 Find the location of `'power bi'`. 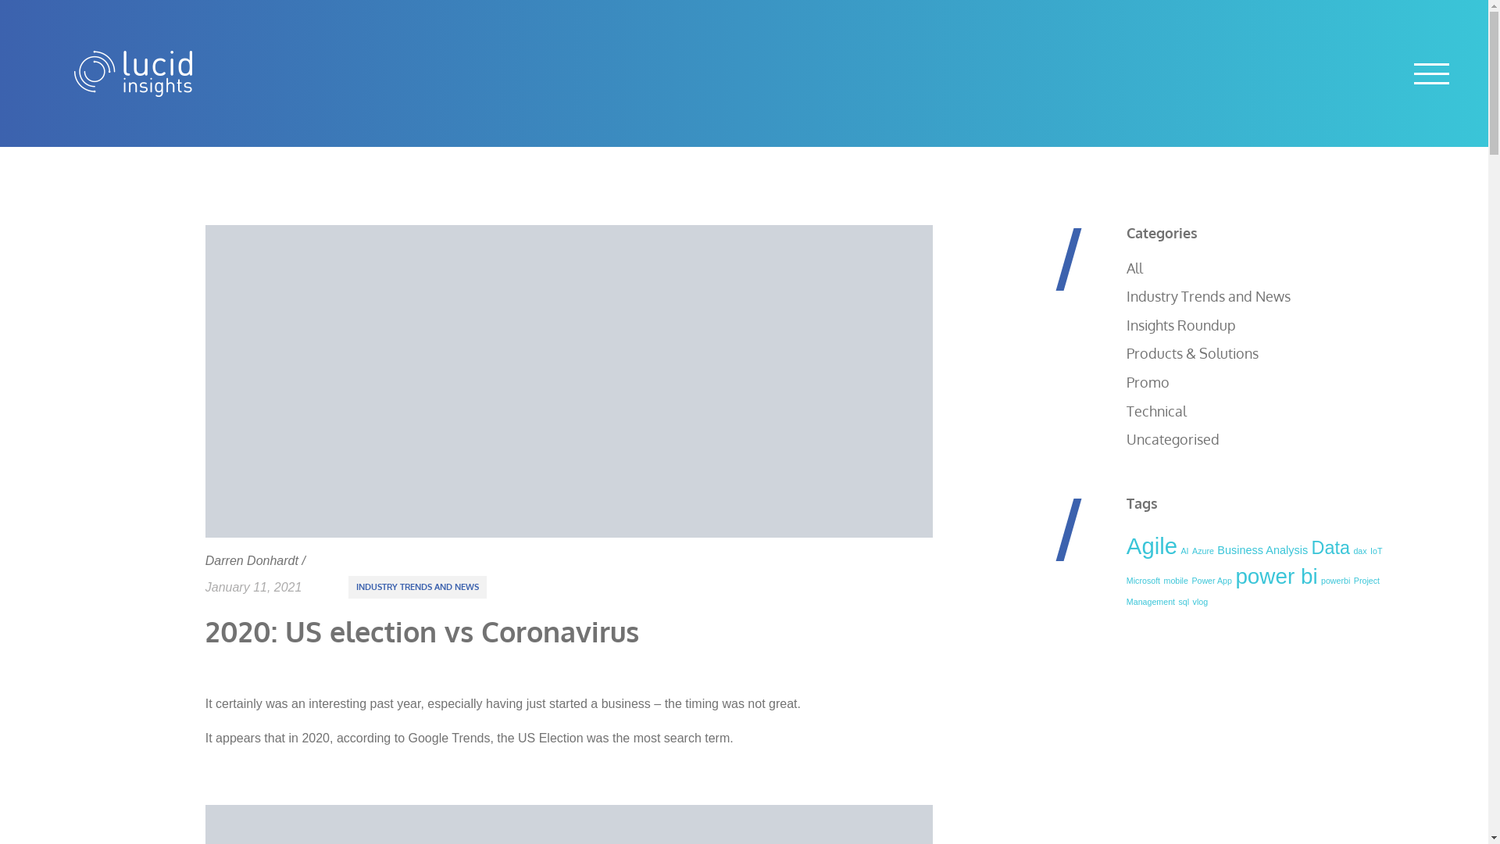

'power bi' is located at coordinates (1276, 576).